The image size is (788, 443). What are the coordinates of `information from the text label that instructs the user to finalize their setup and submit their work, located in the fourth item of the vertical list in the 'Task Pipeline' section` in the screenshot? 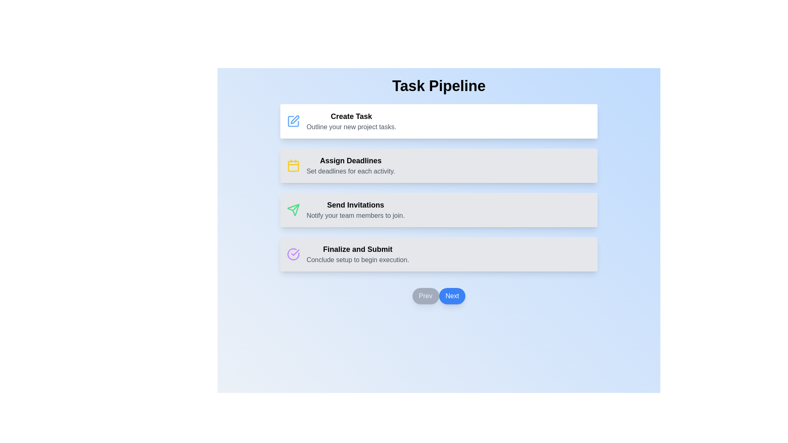 It's located at (357, 249).